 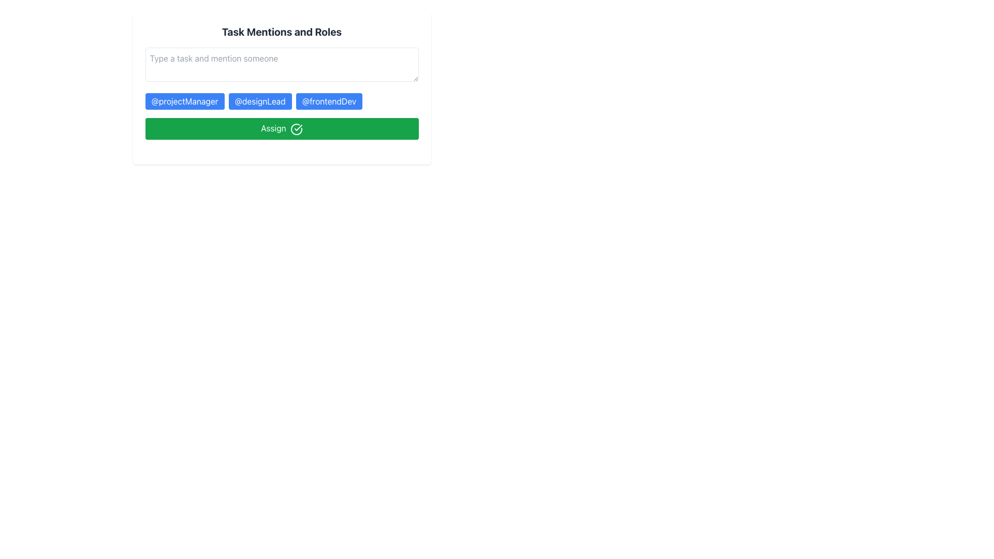 I want to click on the leftmost button below the text input field, so click(x=184, y=101).